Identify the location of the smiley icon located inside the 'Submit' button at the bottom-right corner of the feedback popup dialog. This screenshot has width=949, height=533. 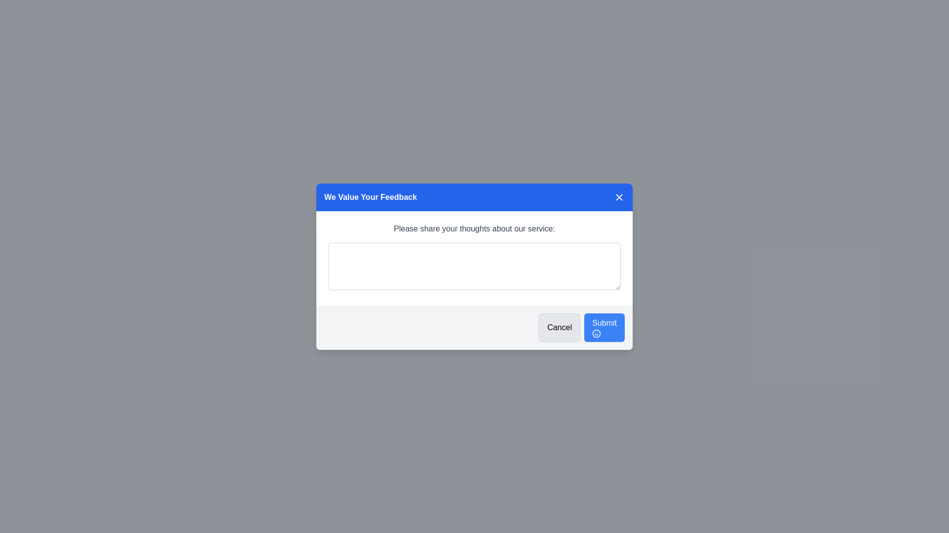
(596, 333).